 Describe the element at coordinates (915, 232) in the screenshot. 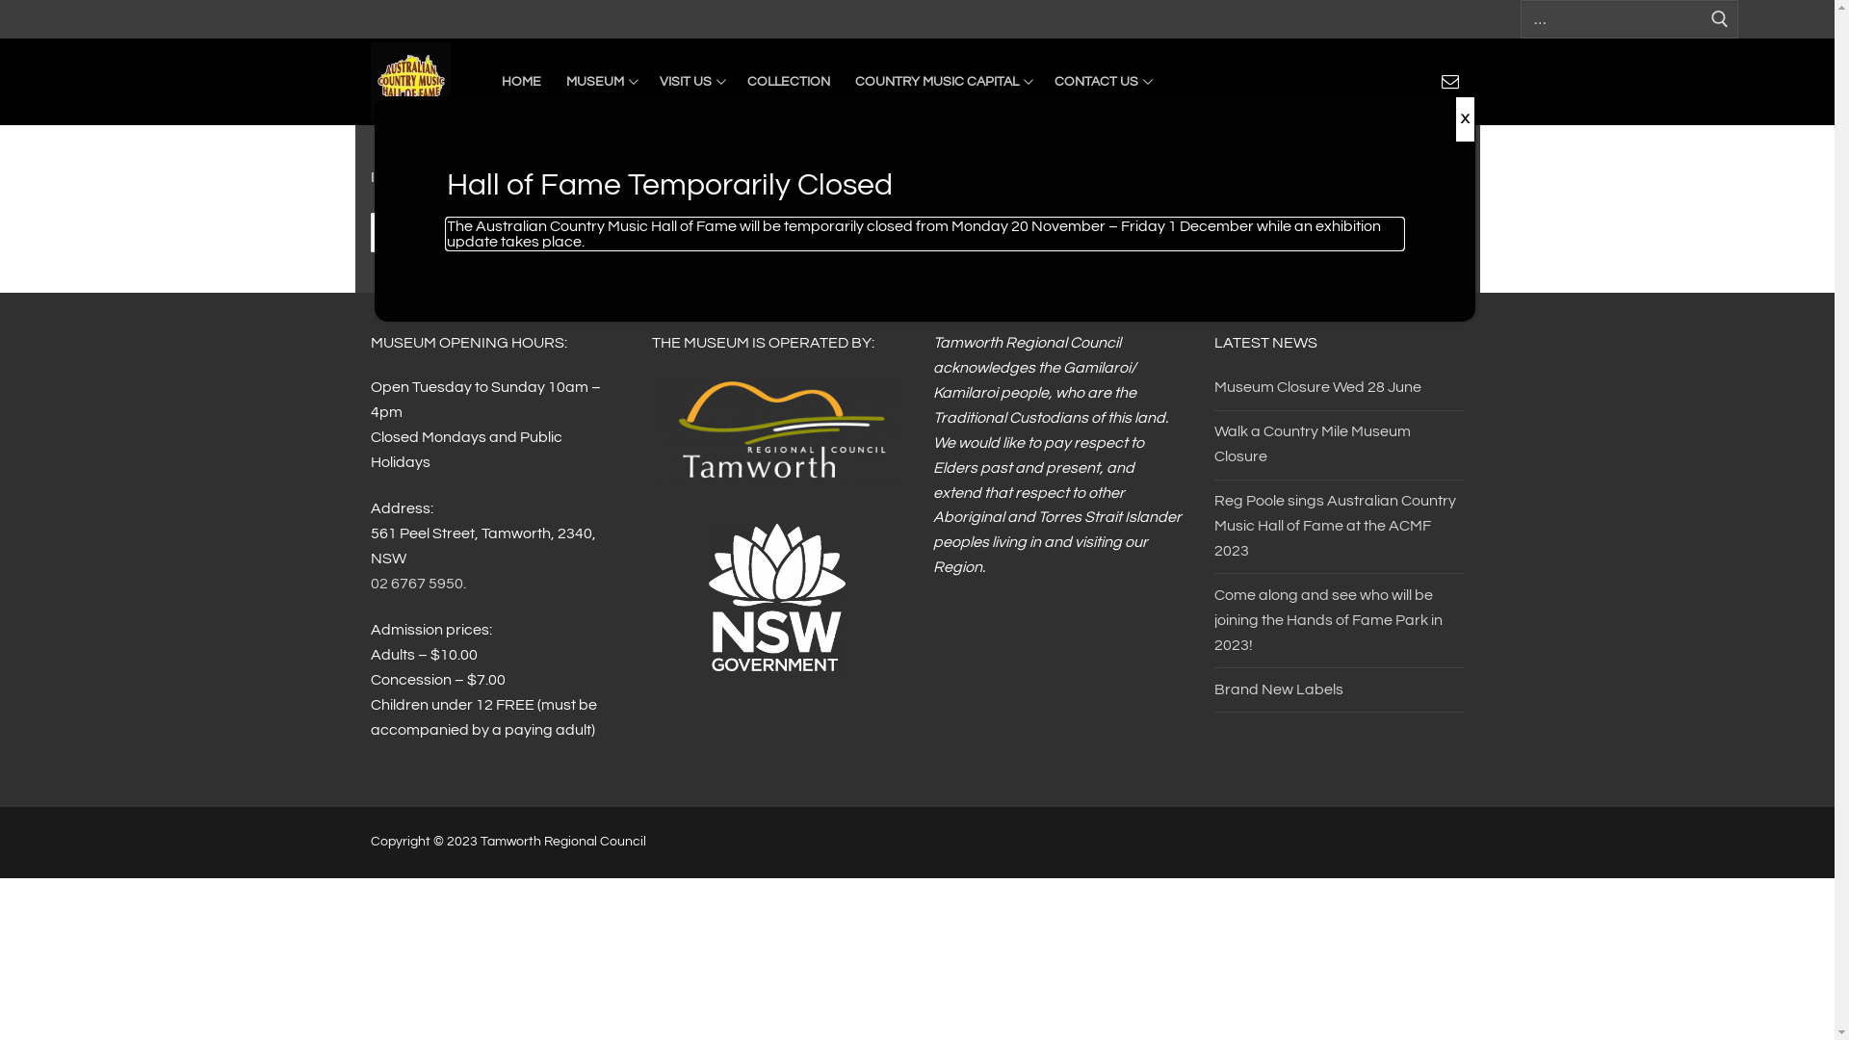

I see `'Search for:'` at that location.